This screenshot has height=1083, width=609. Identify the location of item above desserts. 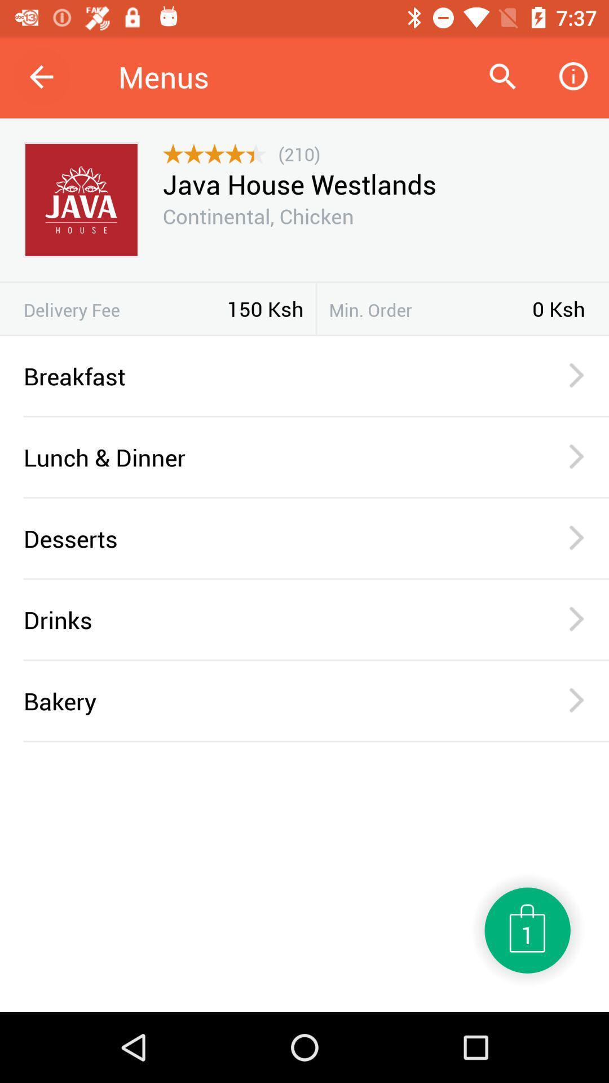
(316, 497).